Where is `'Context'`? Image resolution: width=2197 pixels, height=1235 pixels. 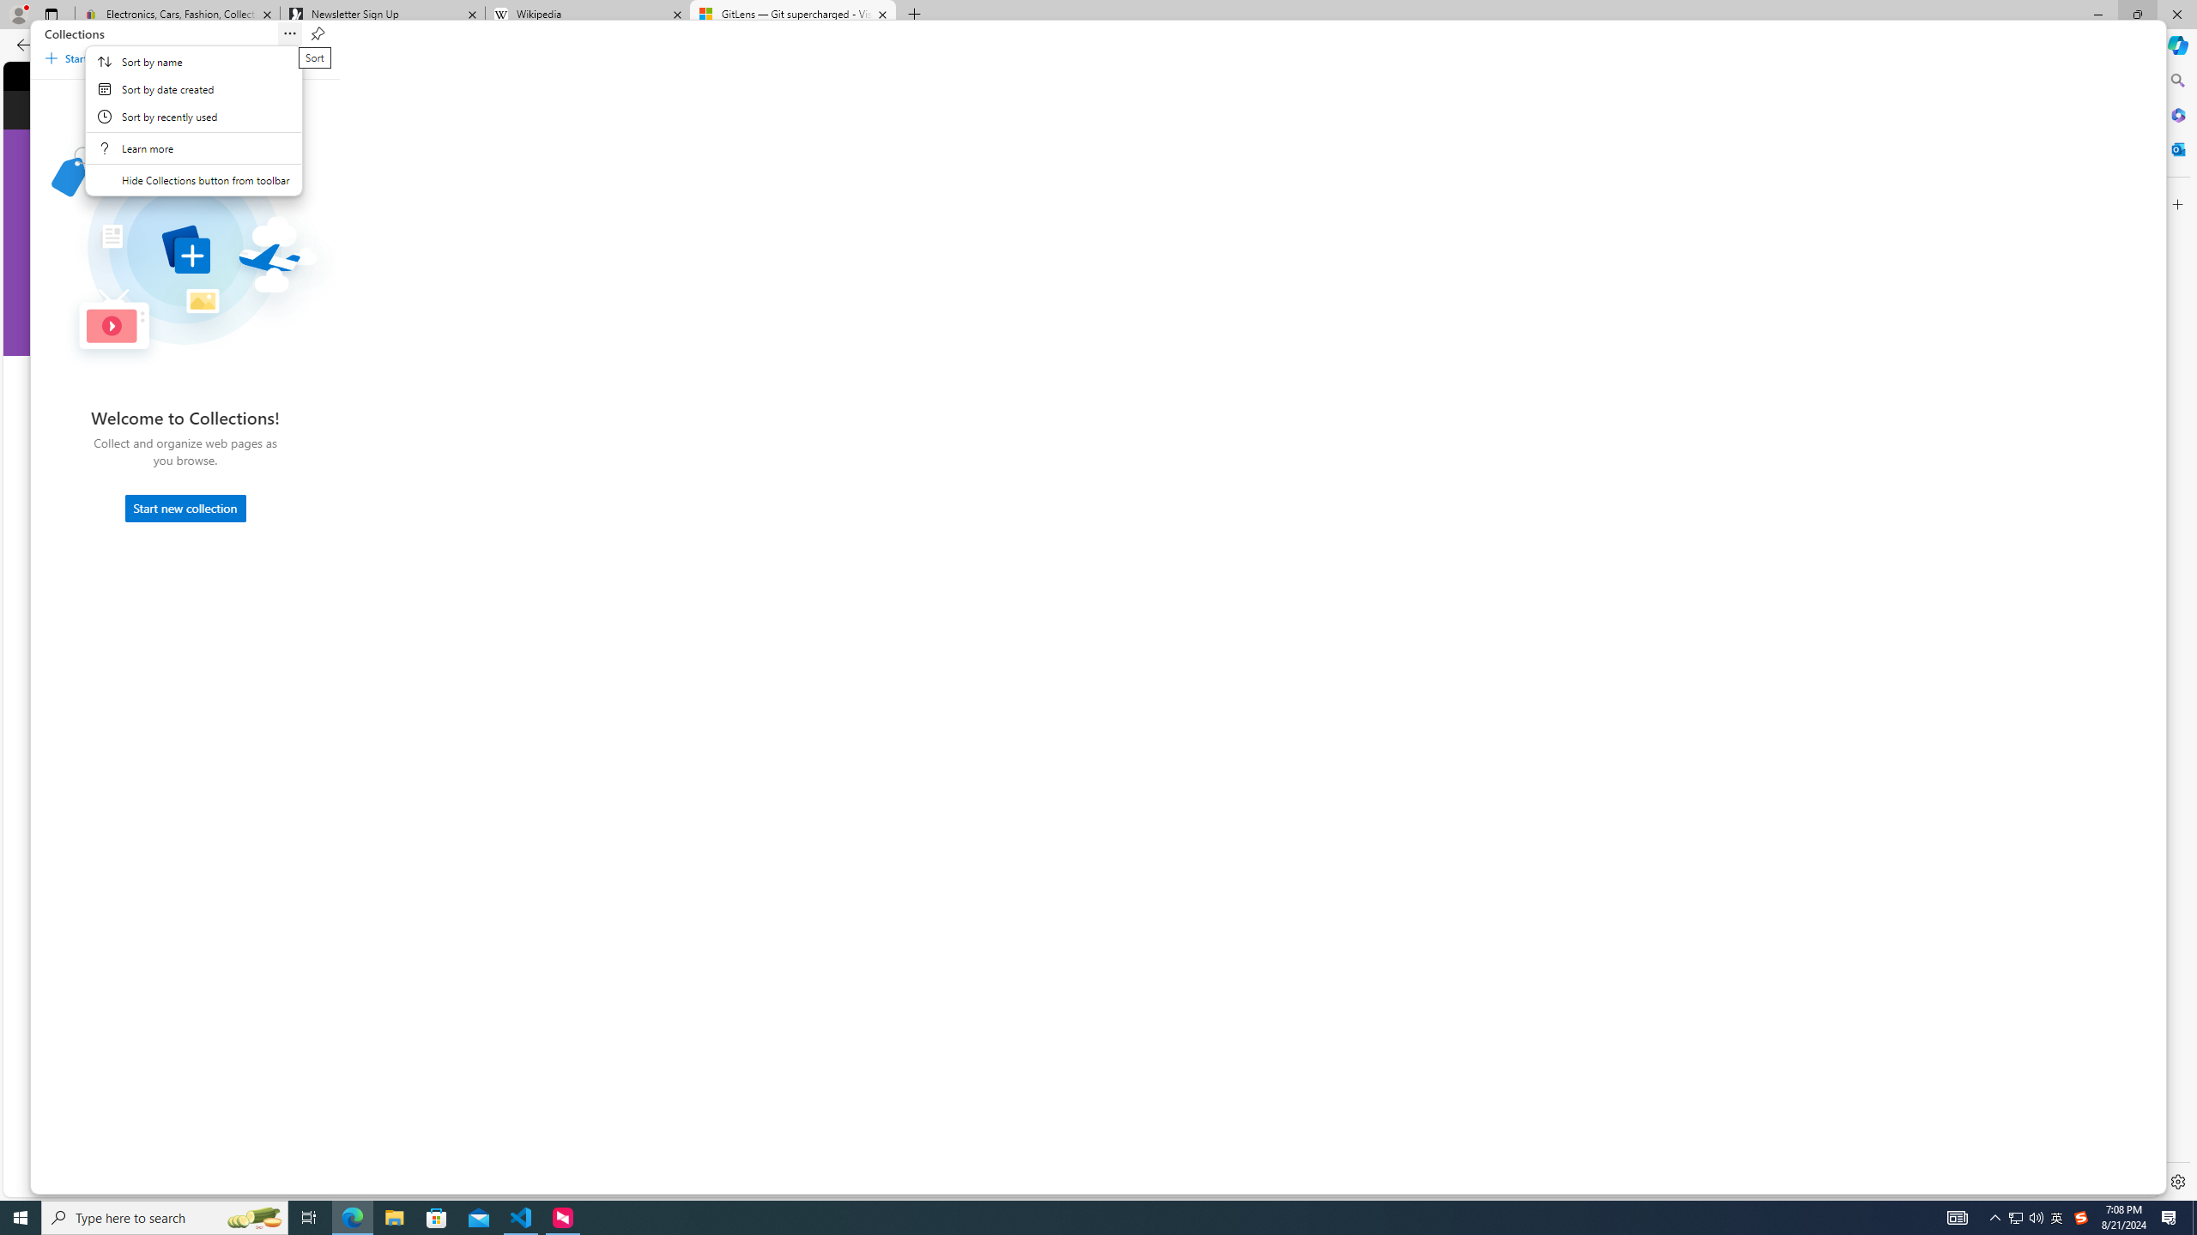
'Context' is located at coordinates (193, 131).